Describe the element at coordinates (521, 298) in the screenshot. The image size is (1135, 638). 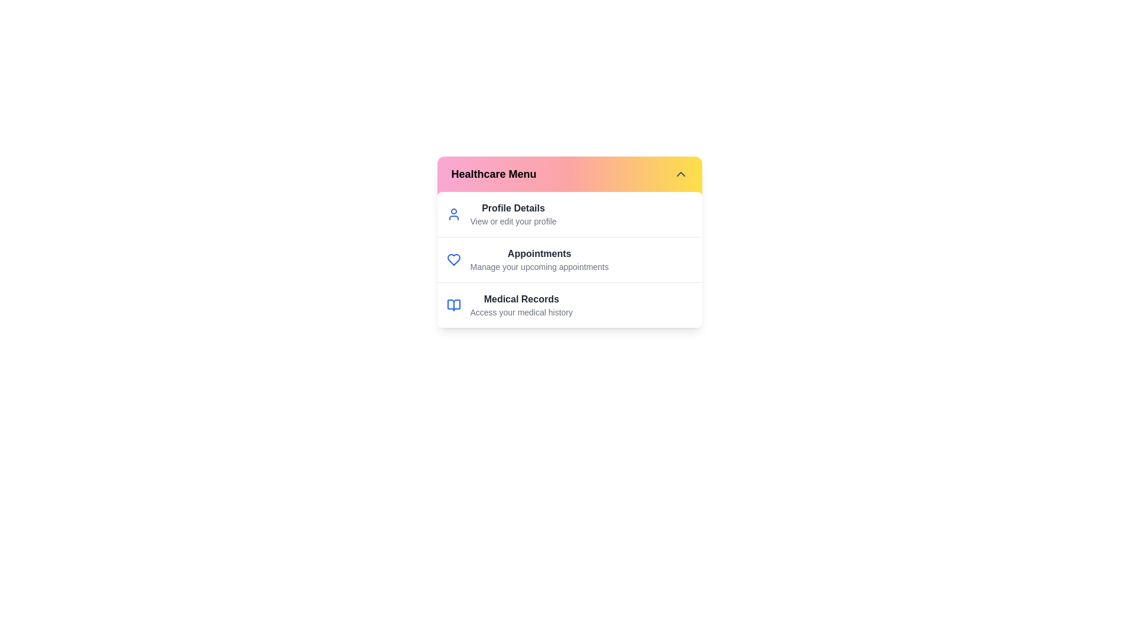
I see `the menu option Medical Records from the Healthcare Menu` at that location.